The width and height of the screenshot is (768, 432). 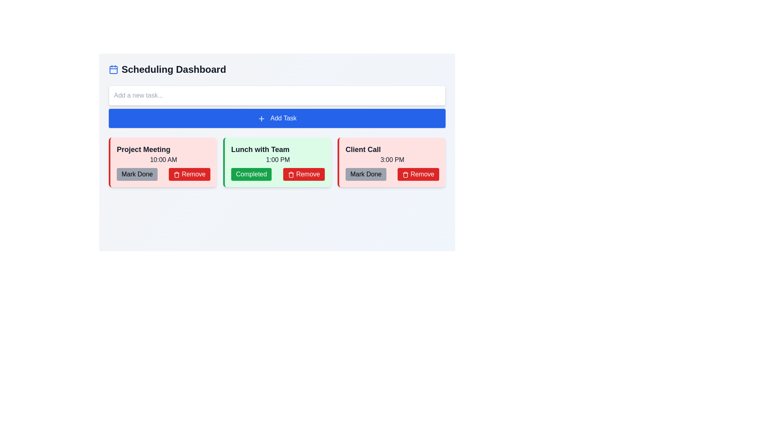 What do you see at coordinates (277, 106) in the screenshot?
I see `the button that adds tasks, located directly beneath the input field and above the scheduled events cards` at bounding box center [277, 106].